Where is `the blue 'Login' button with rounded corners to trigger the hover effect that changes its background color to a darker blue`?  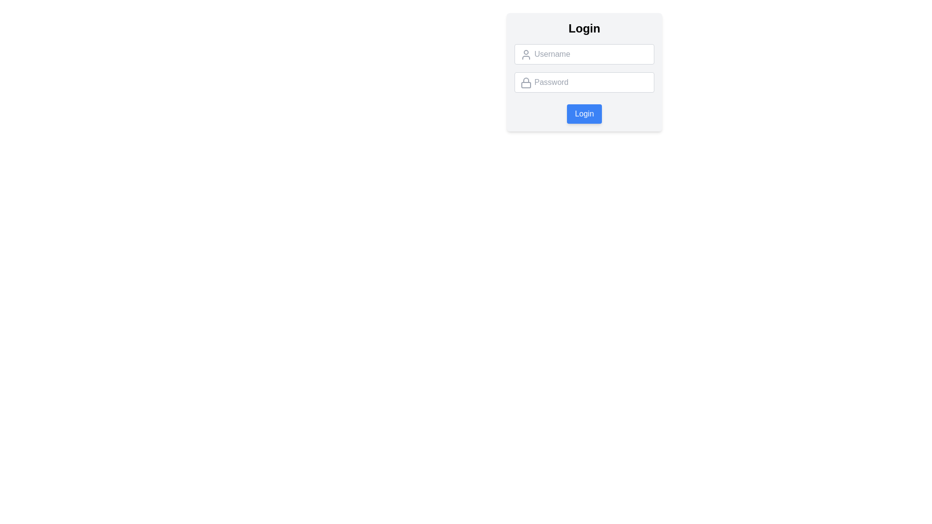
the blue 'Login' button with rounded corners to trigger the hover effect that changes its background color to a darker blue is located at coordinates (584, 114).